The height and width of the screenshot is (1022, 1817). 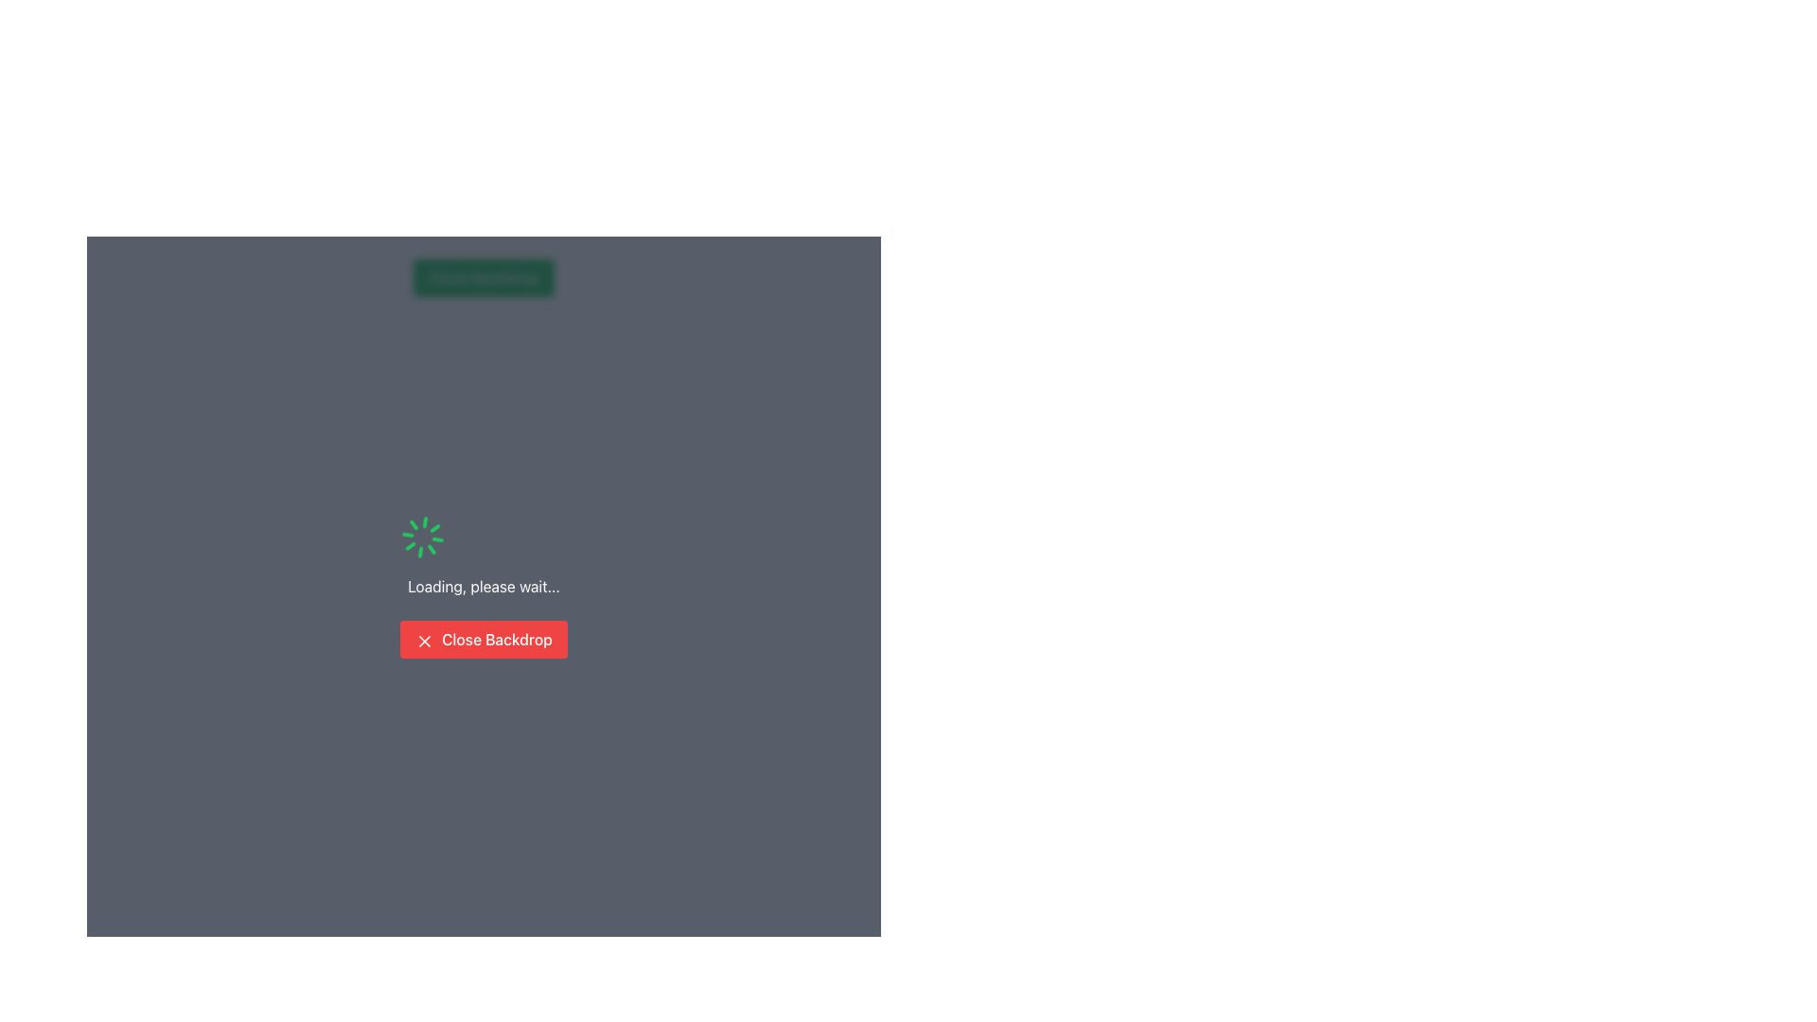 I want to click on the green button with rounded corners labeled 'Close Backdrop', so click(x=484, y=277).